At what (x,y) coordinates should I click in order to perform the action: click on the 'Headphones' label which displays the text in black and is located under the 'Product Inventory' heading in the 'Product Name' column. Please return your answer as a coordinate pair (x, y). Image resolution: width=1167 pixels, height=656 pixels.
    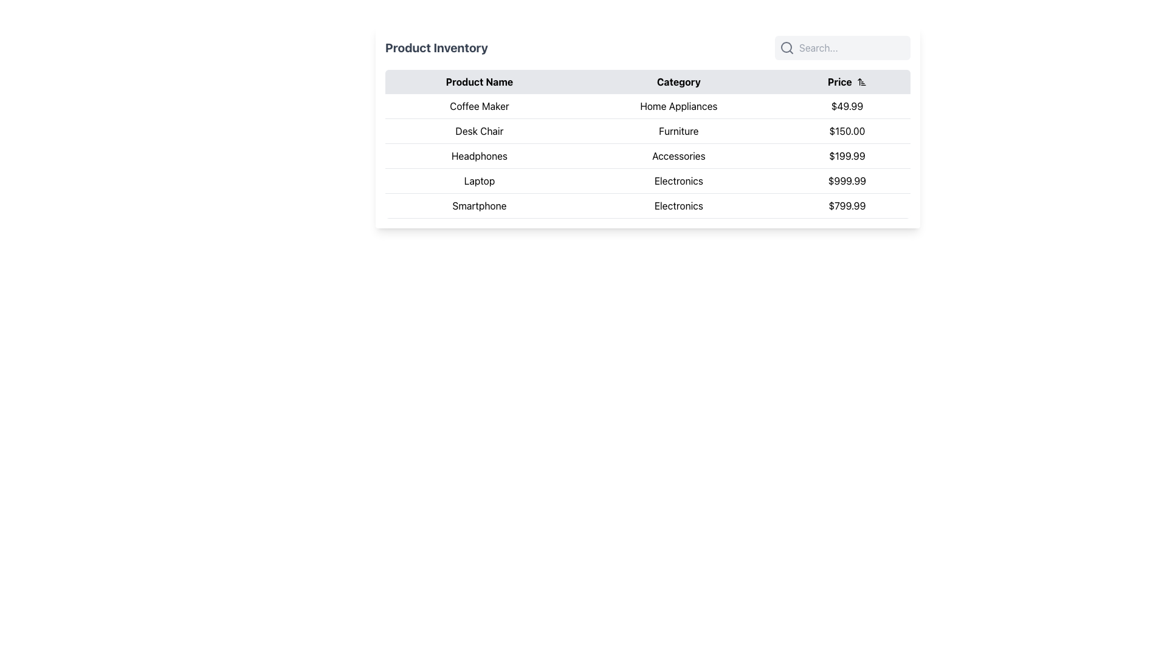
    Looking at the image, I should click on (478, 155).